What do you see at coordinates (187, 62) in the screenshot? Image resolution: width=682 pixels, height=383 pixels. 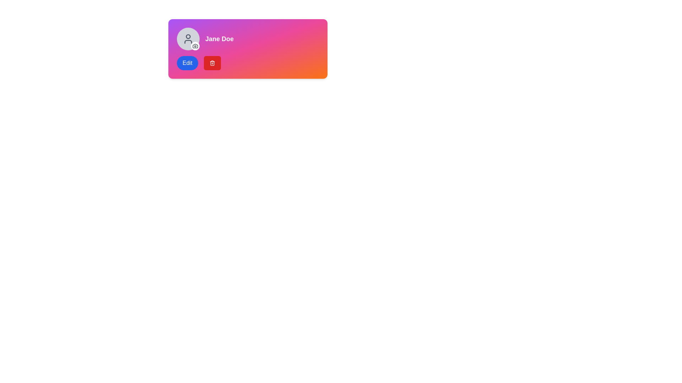 I see `the 'Edit' button with a blue background and white text` at bounding box center [187, 62].